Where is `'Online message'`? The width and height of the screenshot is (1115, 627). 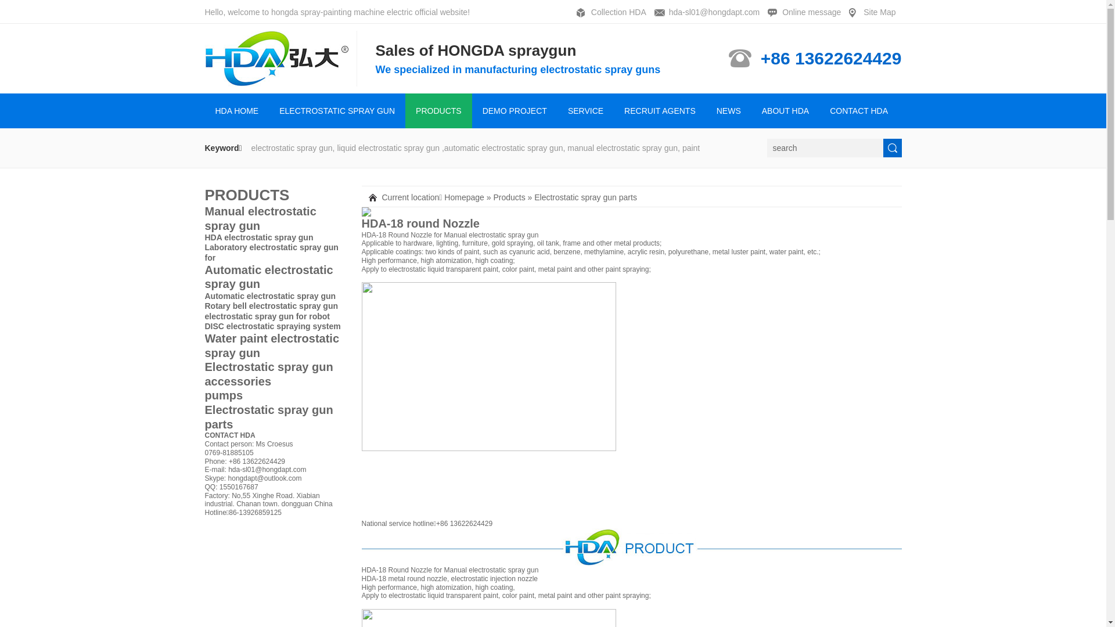
'Online message' is located at coordinates (807, 12).